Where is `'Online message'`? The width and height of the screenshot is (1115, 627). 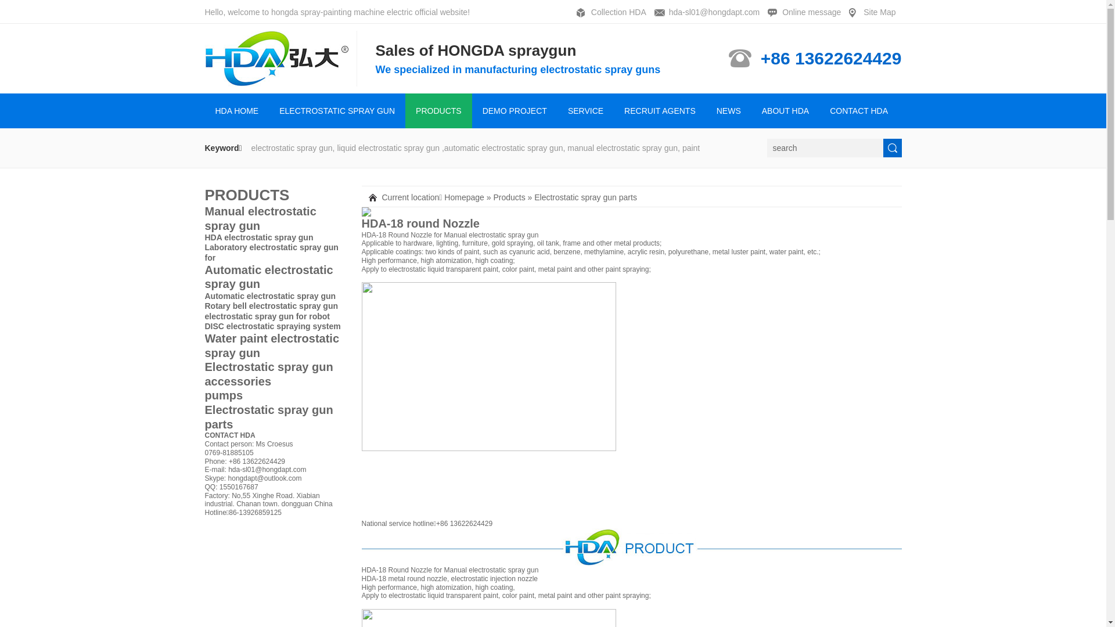
'Online message' is located at coordinates (807, 12).